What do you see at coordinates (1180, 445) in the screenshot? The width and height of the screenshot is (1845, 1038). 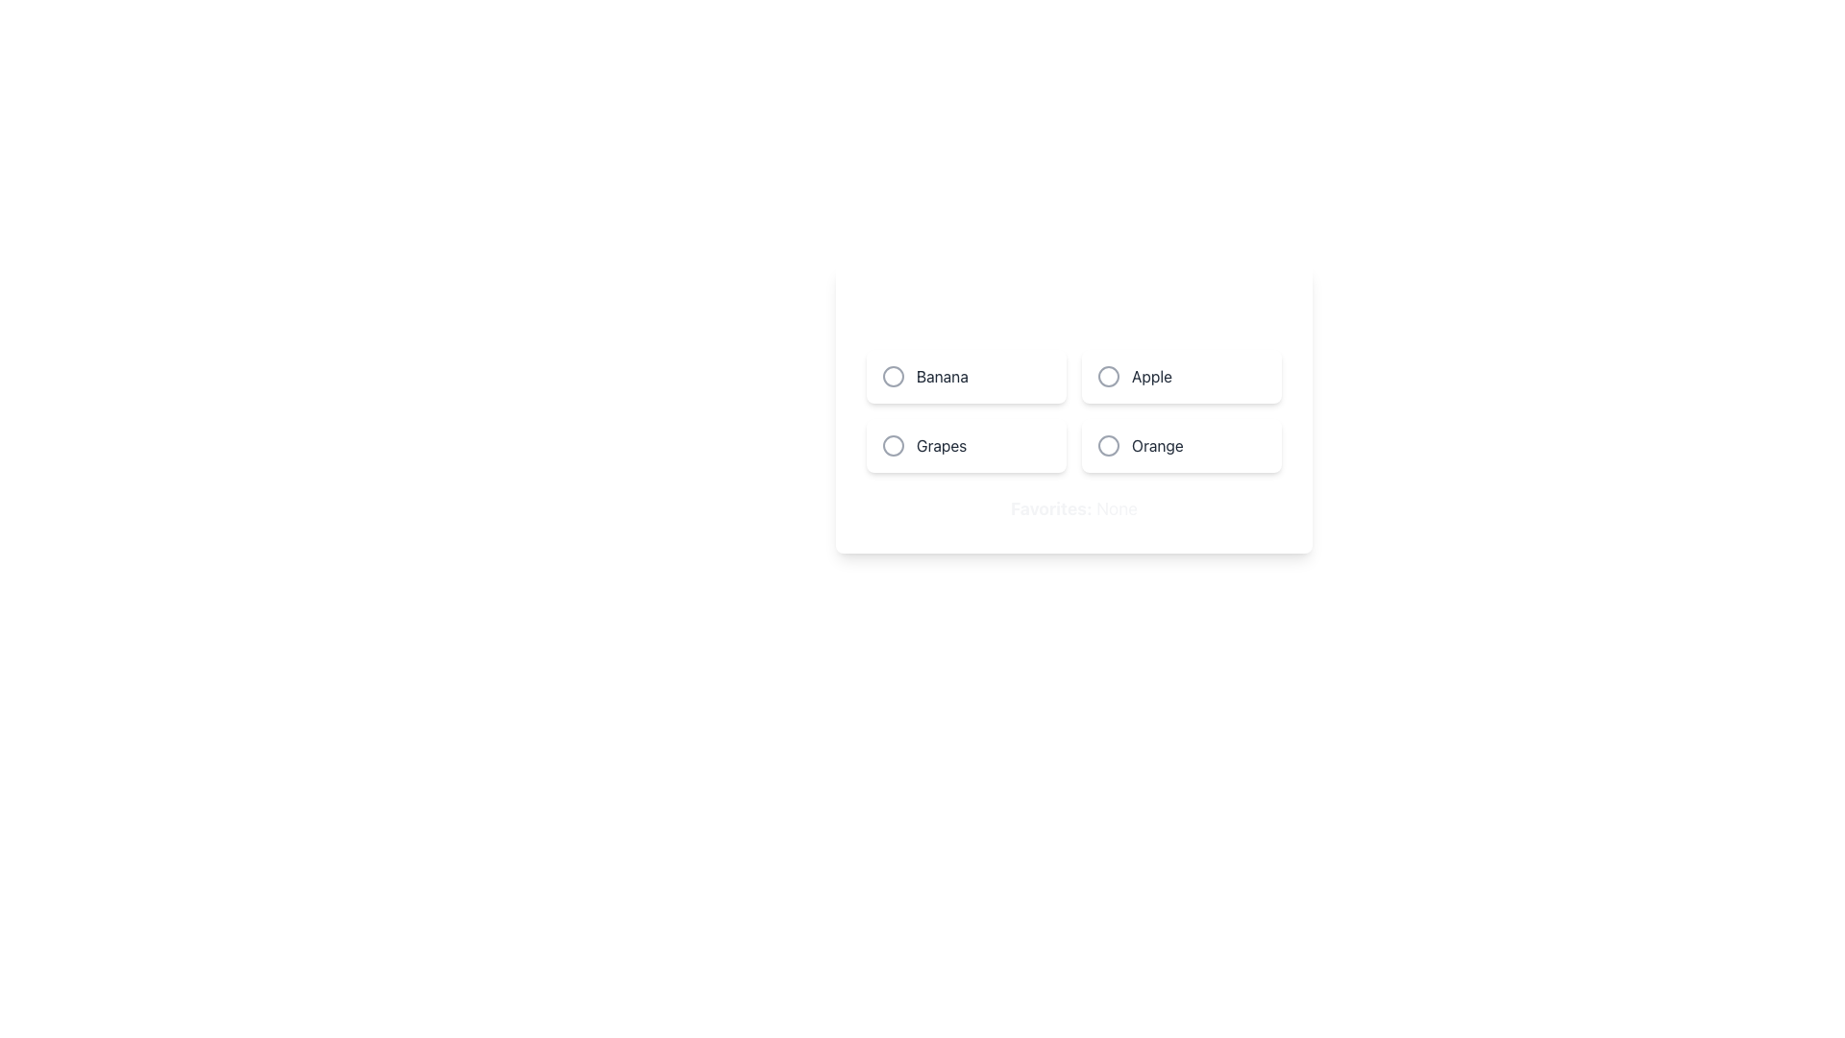 I see `the 'Orange' option card` at bounding box center [1180, 445].